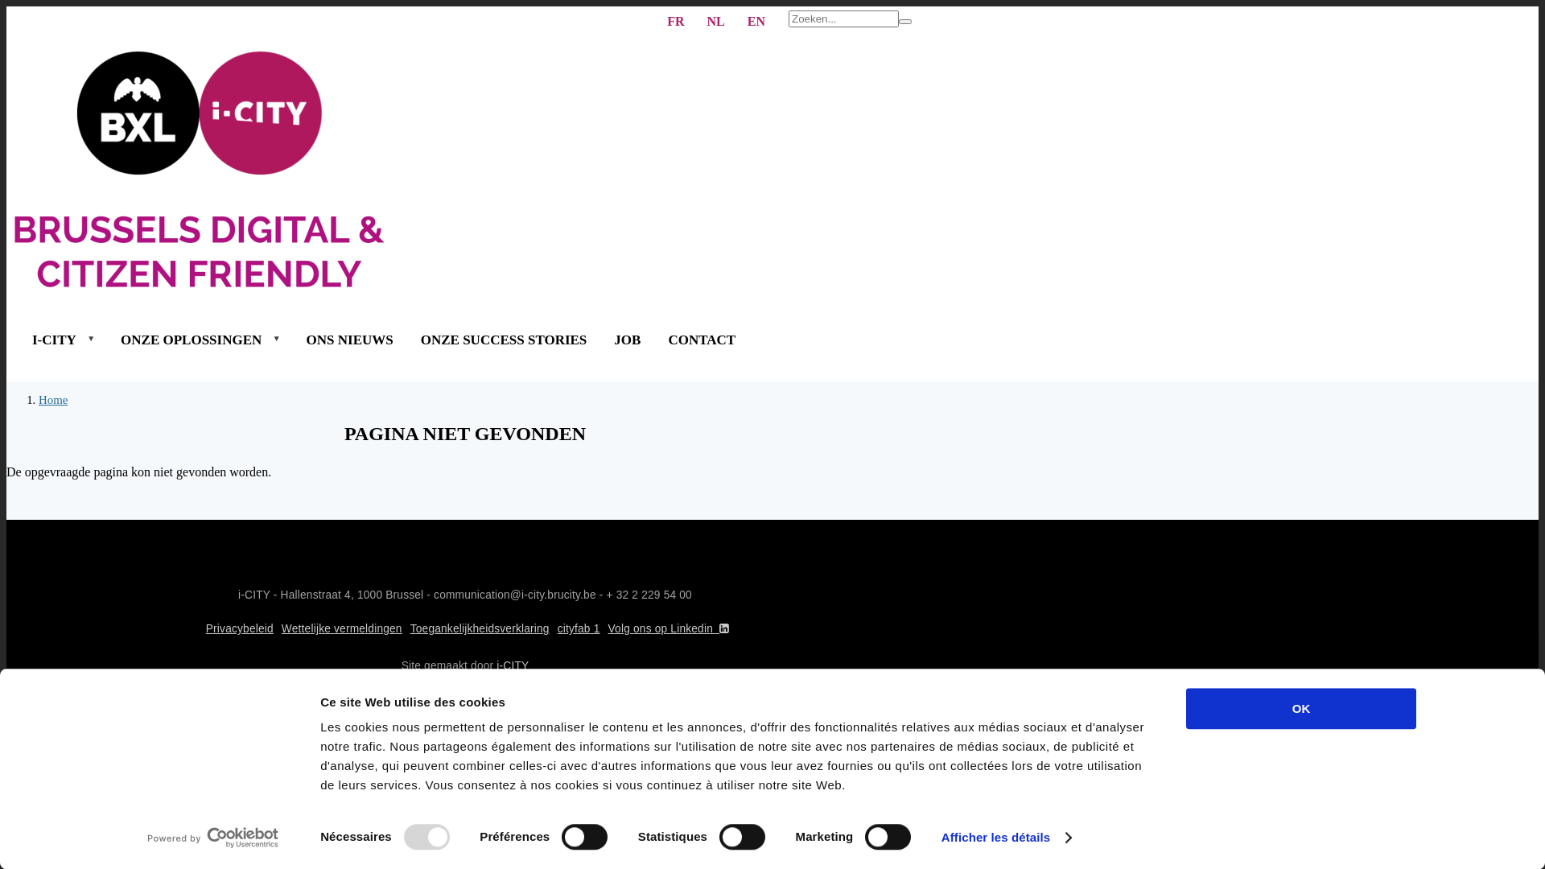 This screenshot has width=1545, height=869. I want to click on 'JOB', so click(626, 339).